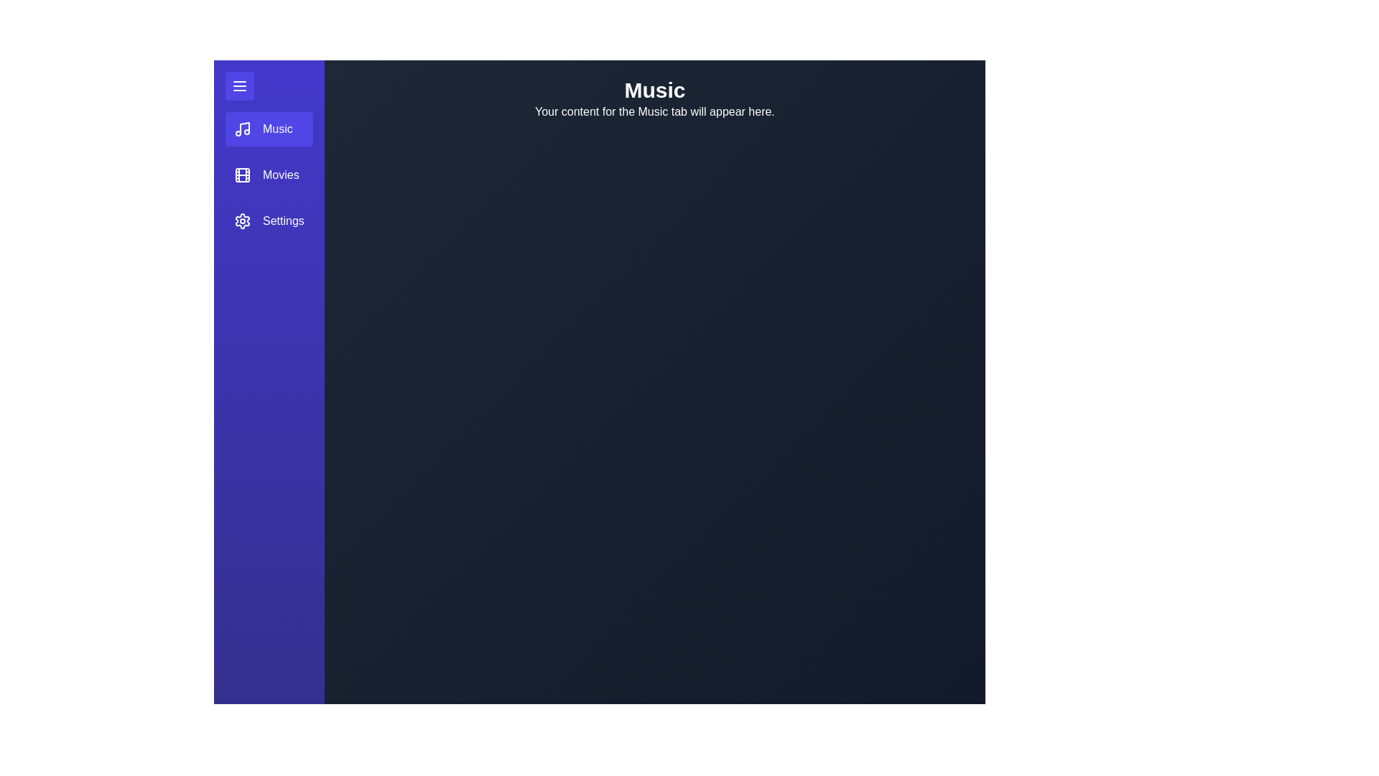 This screenshot has width=1379, height=776. What do you see at coordinates (240, 86) in the screenshot?
I see `menu toggle button to toggle the menu open or closed` at bounding box center [240, 86].